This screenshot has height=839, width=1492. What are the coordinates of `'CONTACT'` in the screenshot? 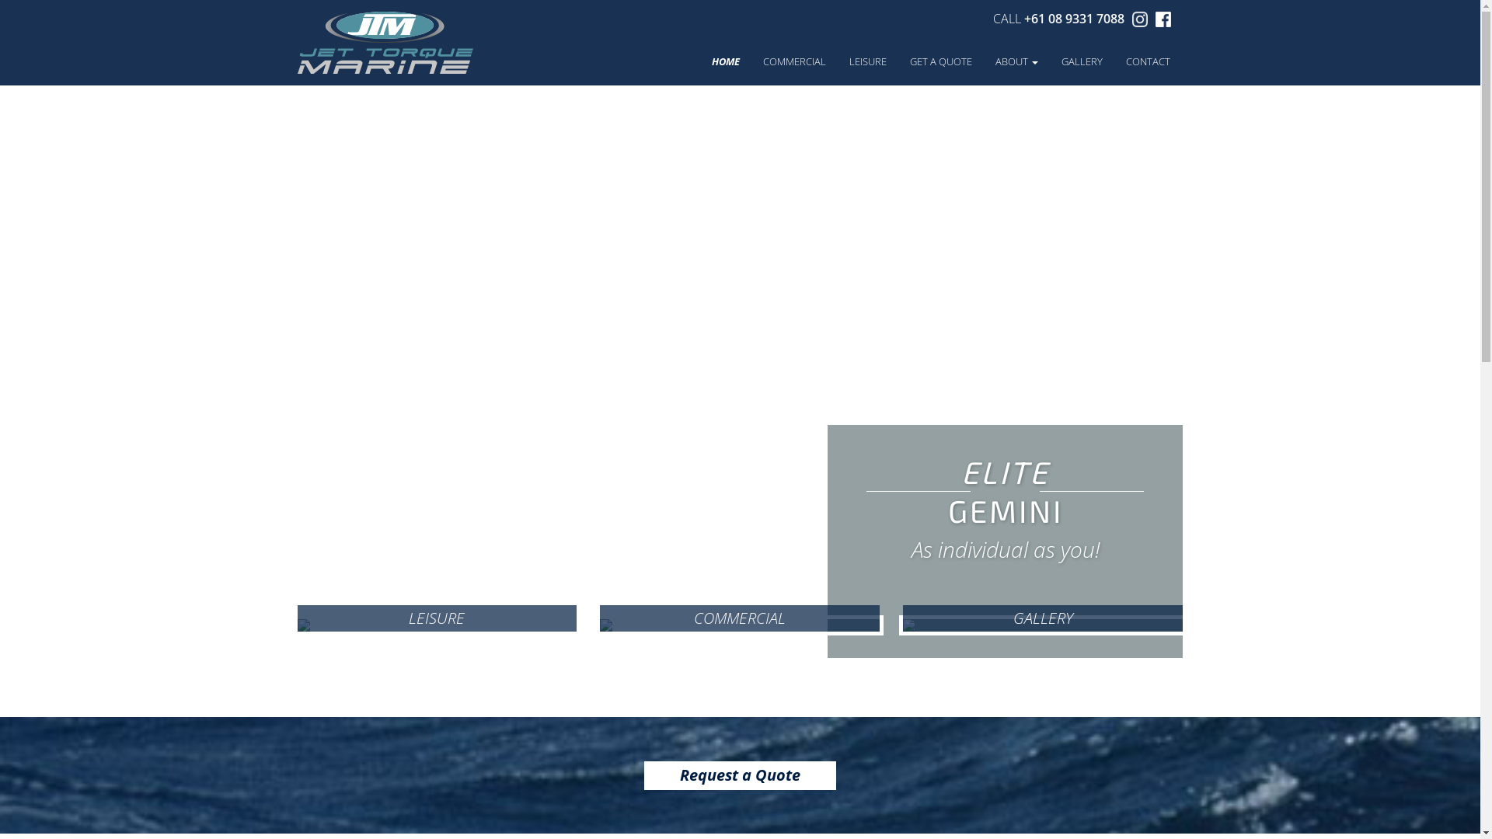 It's located at (1114, 68).